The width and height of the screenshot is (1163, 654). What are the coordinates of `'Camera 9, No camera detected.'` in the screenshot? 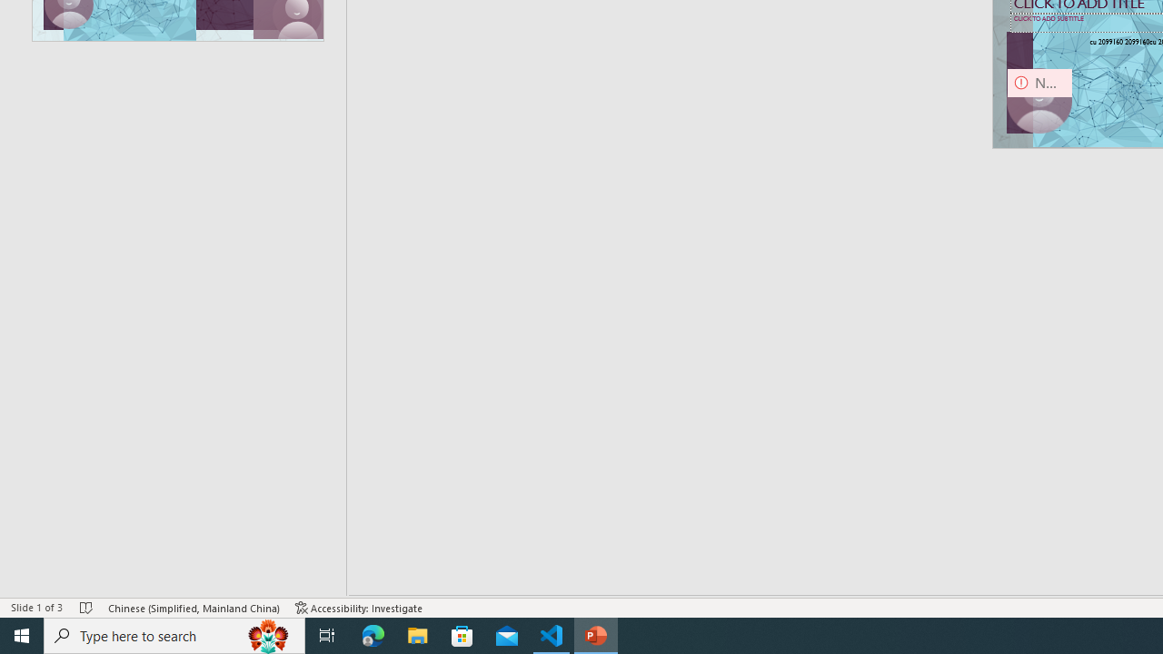 It's located at (1039, 101).